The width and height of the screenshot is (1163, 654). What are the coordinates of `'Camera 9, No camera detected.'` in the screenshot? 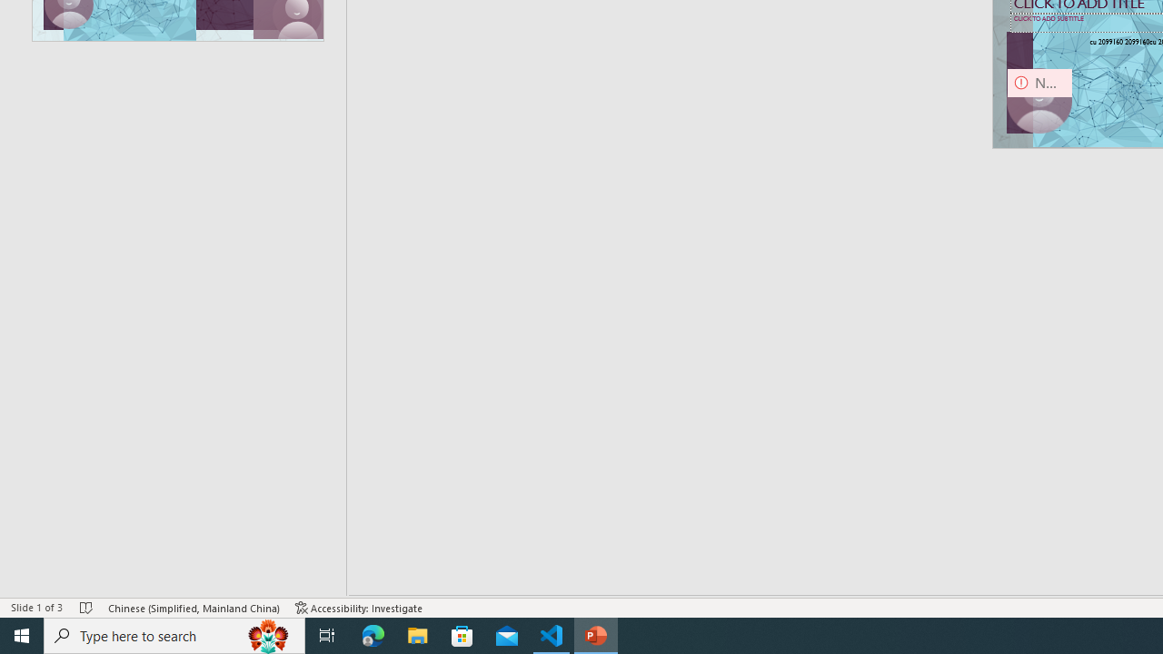 It's located at (1039, 101).